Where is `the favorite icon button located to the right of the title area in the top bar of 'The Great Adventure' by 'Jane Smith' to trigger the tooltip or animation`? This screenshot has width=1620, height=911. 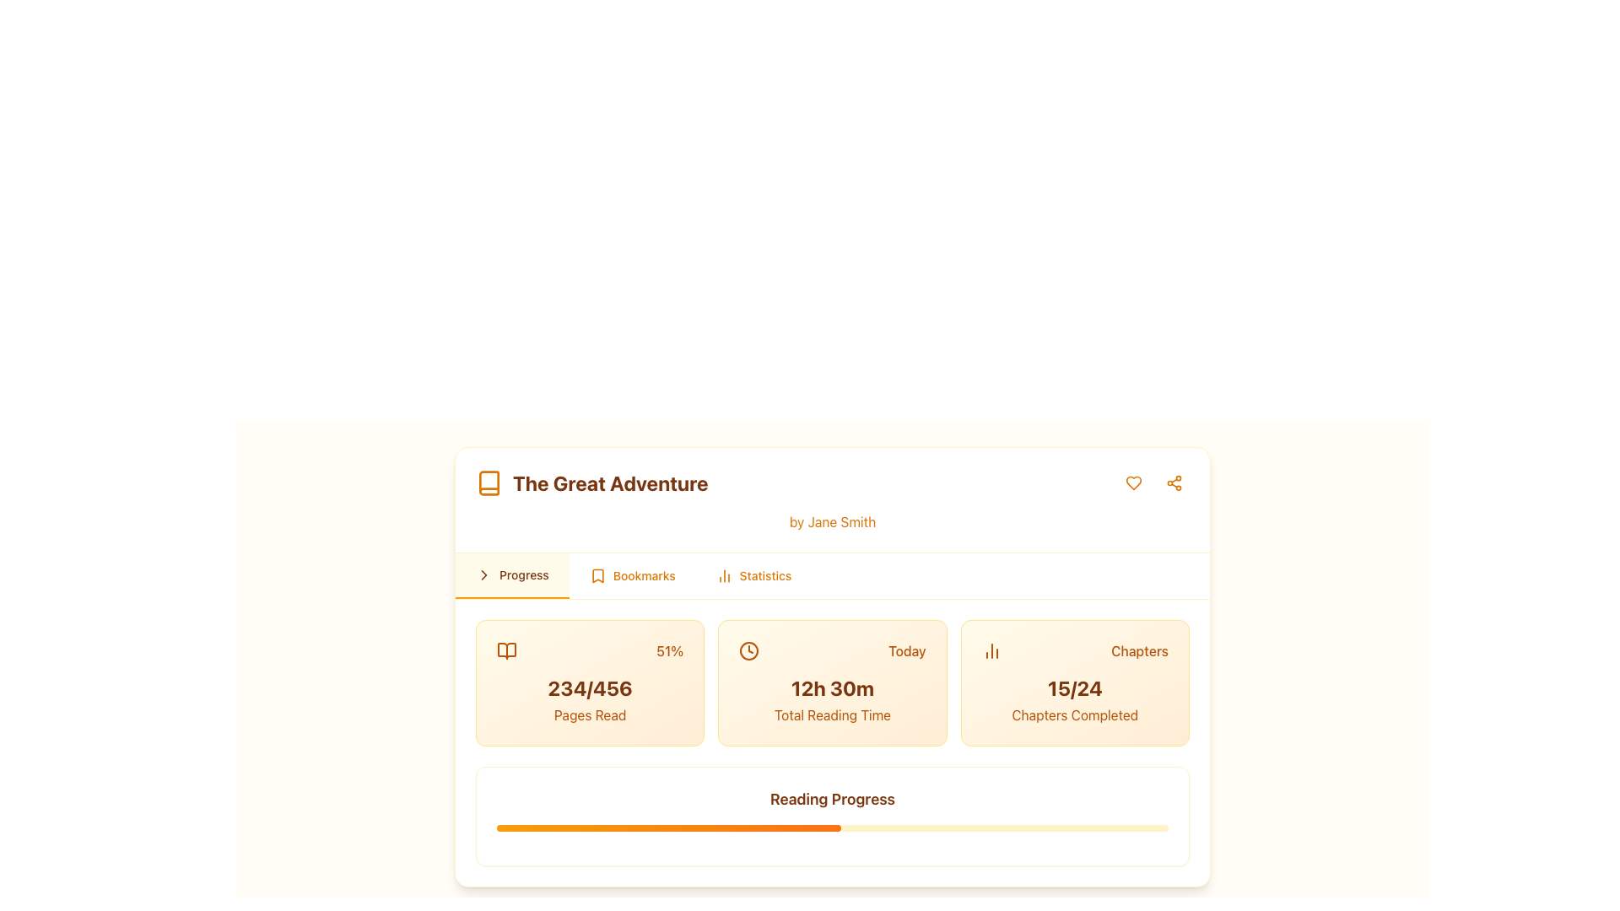 the favorite icon button located to the right of the title area in the top bar of 'The Great Adventure' by 'Jane Smith' to trigger the tooltip or animation is located at coordinates (1134, 483).